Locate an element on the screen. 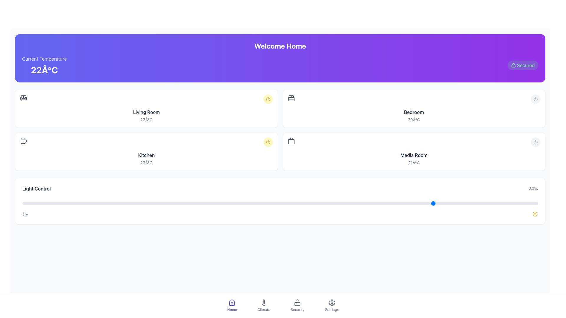 The height and width of the screenshot is (318, 566). the icon located at the top-left corner of the 'Bedroom' card in the grid layout, which provides a visual indication of its relation to 'Bedroom' is located at coordinates (291, 97).